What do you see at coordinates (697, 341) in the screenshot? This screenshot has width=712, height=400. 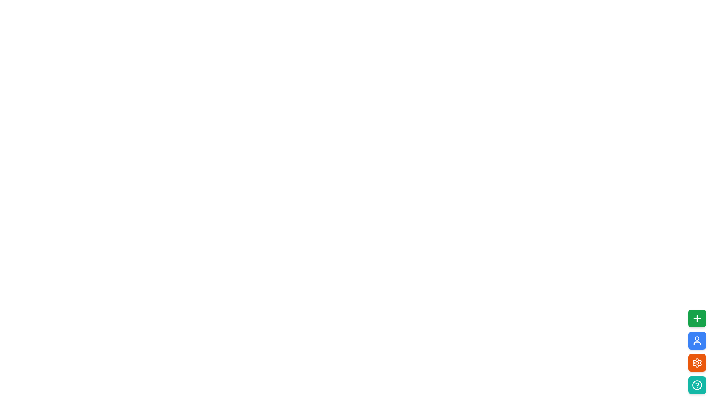 I see `the user profile icon button, which is a white outline of a person within a circular border on a blue square background` at bounding box center [697, 341].